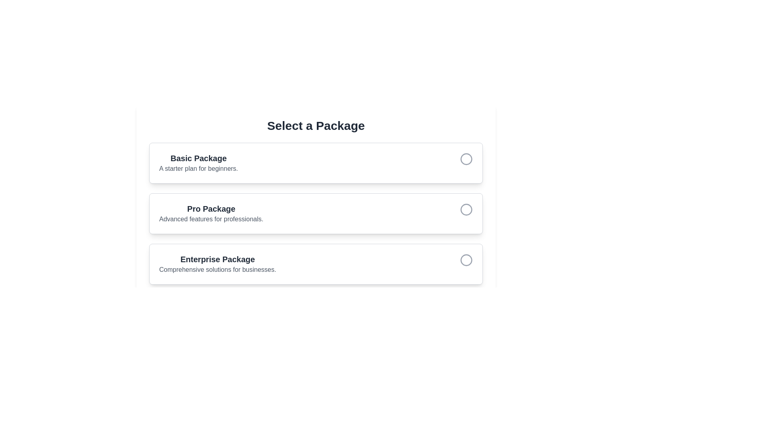  What do you see at coordinates (466, 159) in the screenshot?
I see `the circular radio button indicator for the 'Basic Package' item` at bounding box center [466, 159].